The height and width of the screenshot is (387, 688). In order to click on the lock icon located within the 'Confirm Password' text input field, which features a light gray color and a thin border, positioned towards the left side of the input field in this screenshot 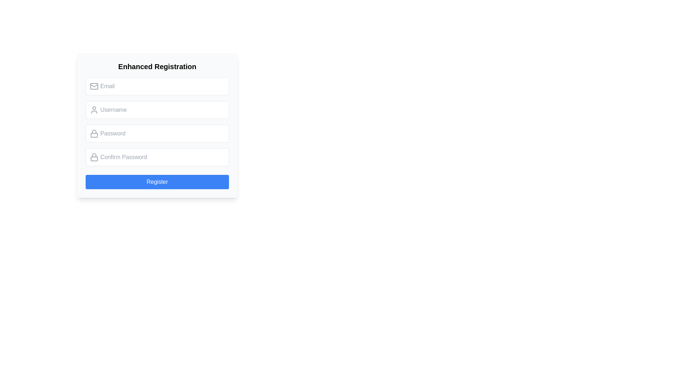, I will do `click(94, 157)`.